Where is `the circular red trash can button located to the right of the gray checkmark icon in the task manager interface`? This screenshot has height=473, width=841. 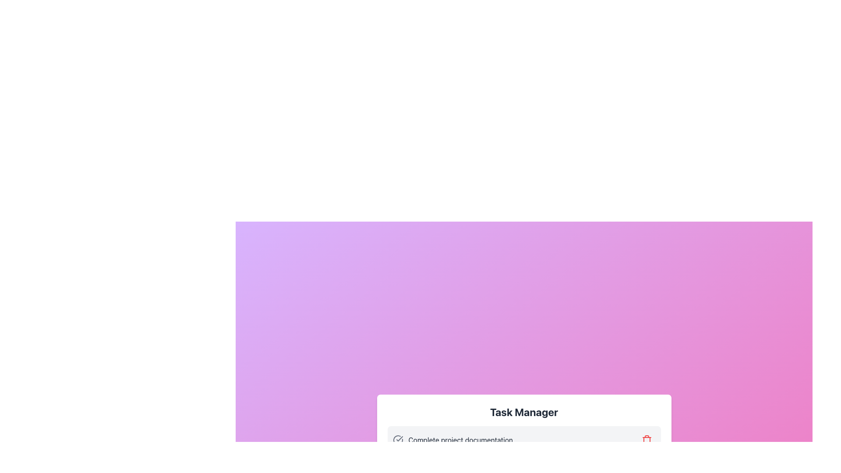 the circular red trash can button located to the right of the gray checkmark icon in the task manager interface is located at coordinates (647, 440).